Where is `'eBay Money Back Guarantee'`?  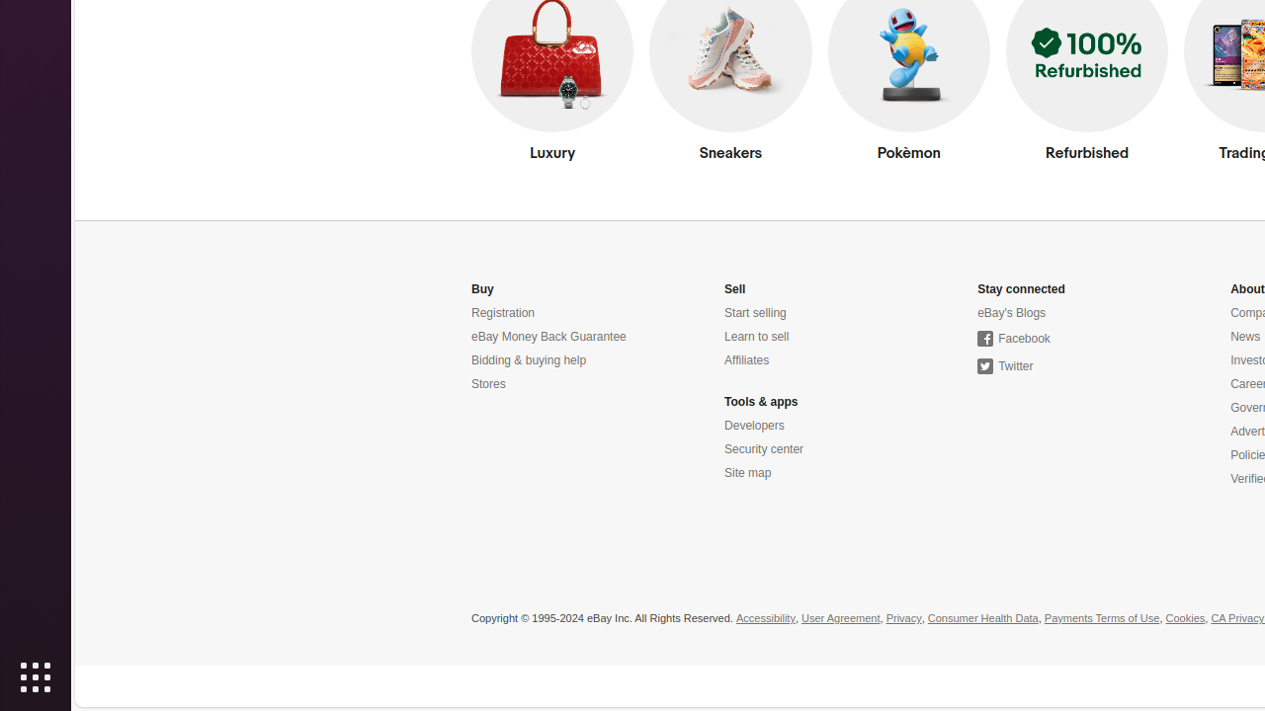 'eBay Money Back Guarantee' is located at coordinates (548, 336).